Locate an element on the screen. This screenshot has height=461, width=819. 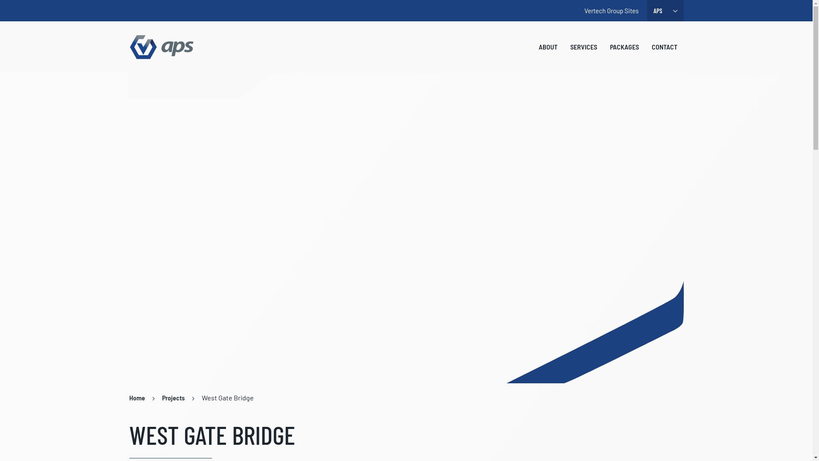
'CONTACT' is located at coordinates (663, 47).